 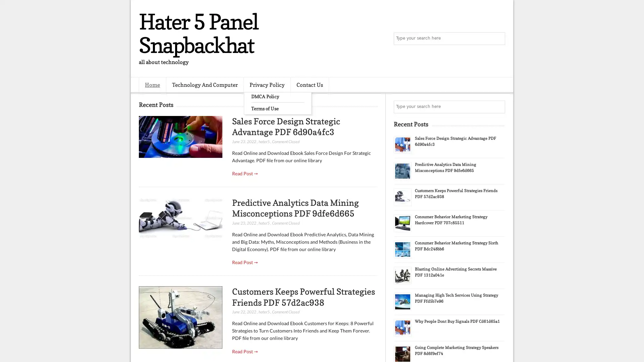 I want to click on Search, so click(x=498, y=107).